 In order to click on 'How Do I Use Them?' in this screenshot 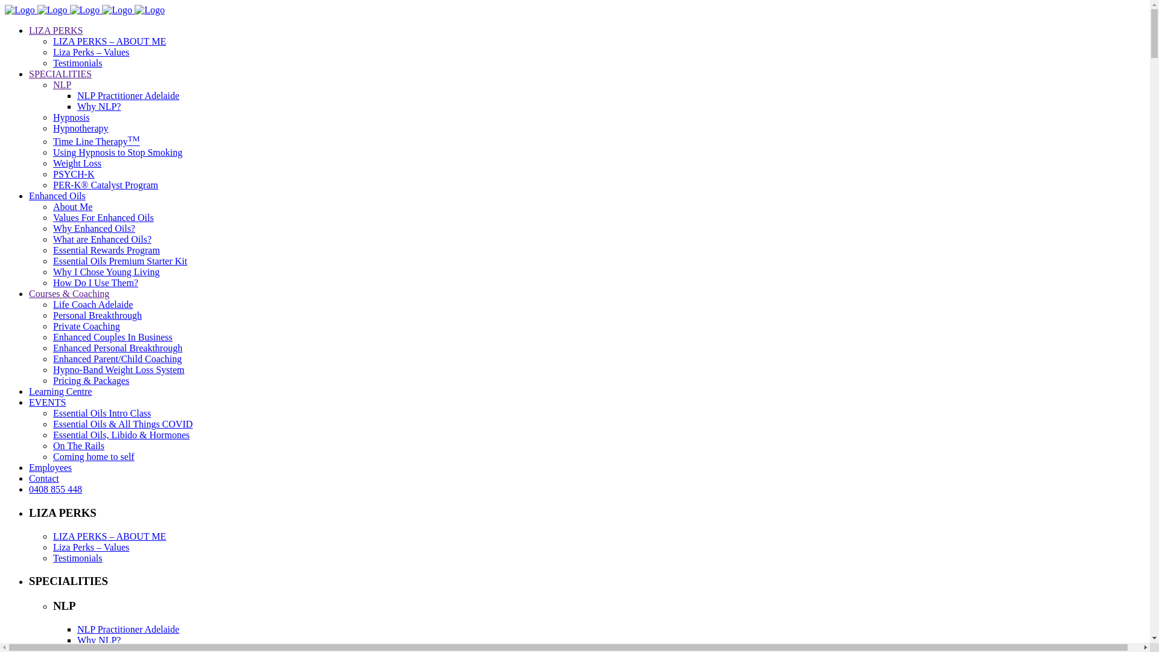, I will do `click(95, 283)`.